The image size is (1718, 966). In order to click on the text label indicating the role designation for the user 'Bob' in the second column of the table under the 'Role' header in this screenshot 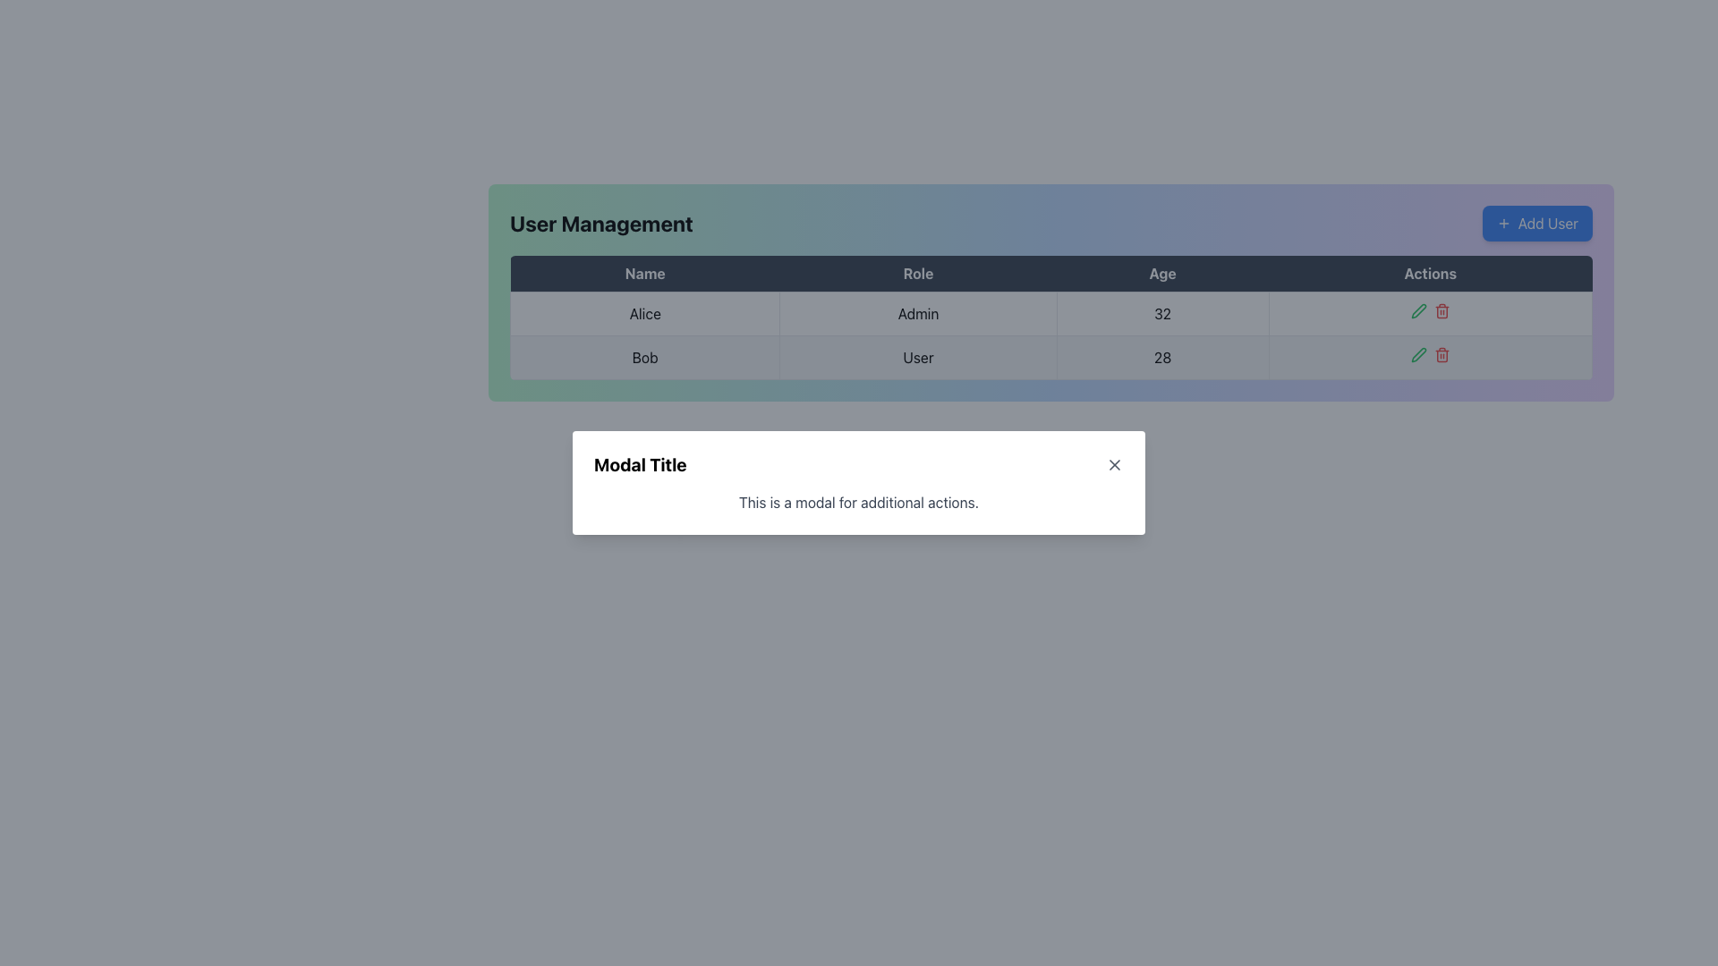, I will do `click(918, 358)`.